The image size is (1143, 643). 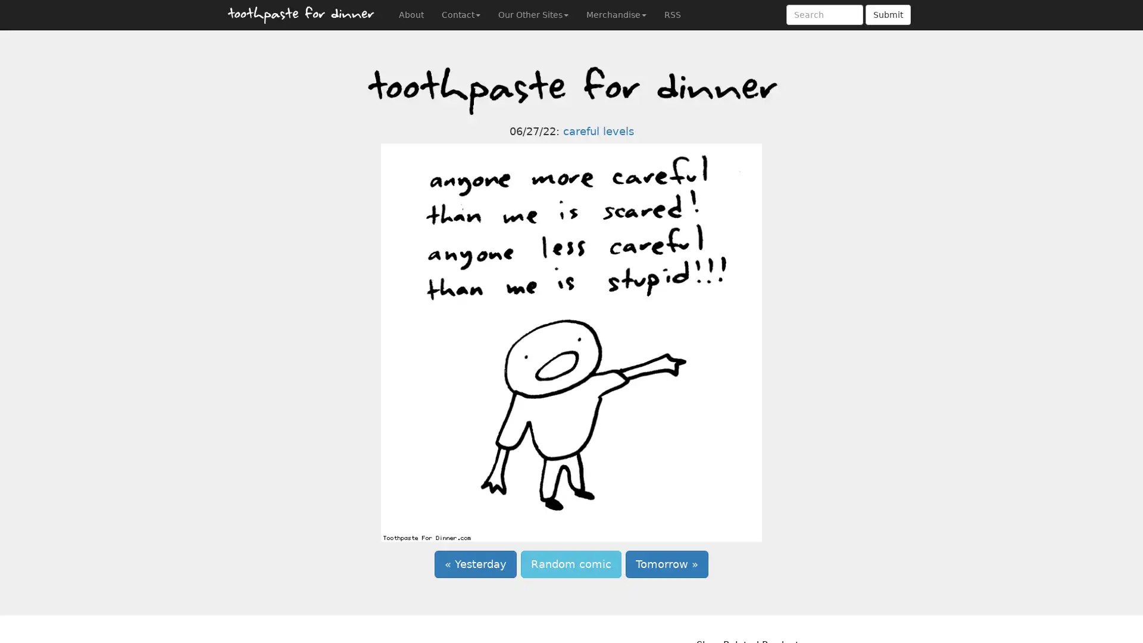 I want to click on Tomorrow, so click(x=667, y=564).